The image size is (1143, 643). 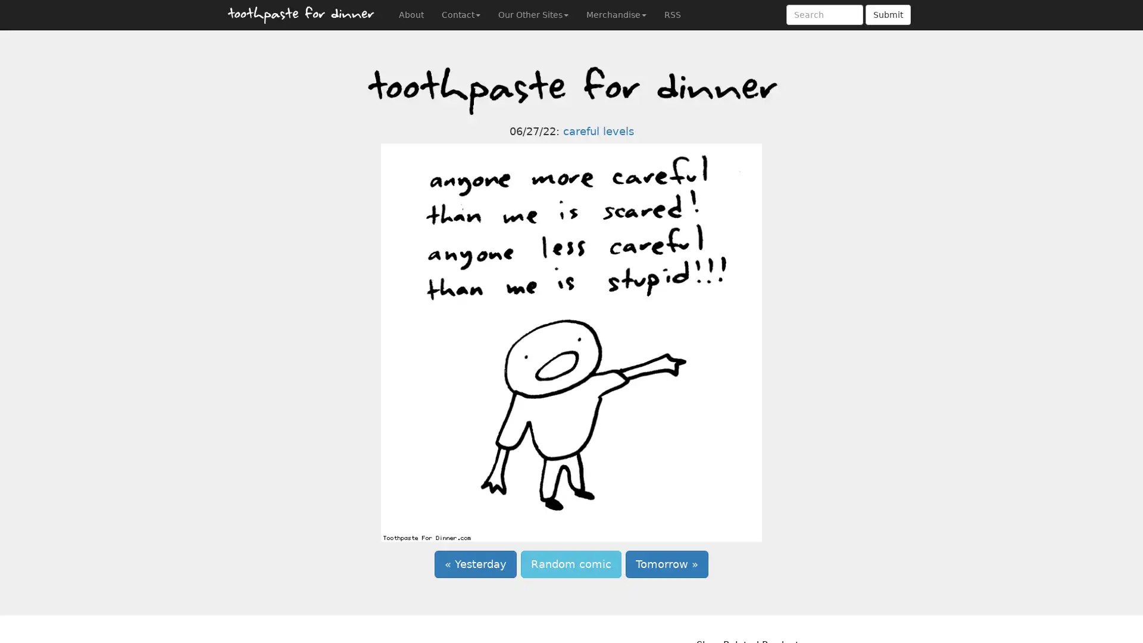 I want to click on Tomorrow, so click(x=667, y=564).